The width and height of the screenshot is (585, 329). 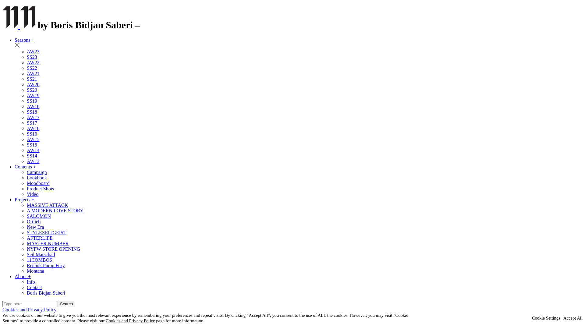 What do you see at coordinates (26, 271) in the screenshot?
I see `'Montana'` at bounding box center [26, 271].